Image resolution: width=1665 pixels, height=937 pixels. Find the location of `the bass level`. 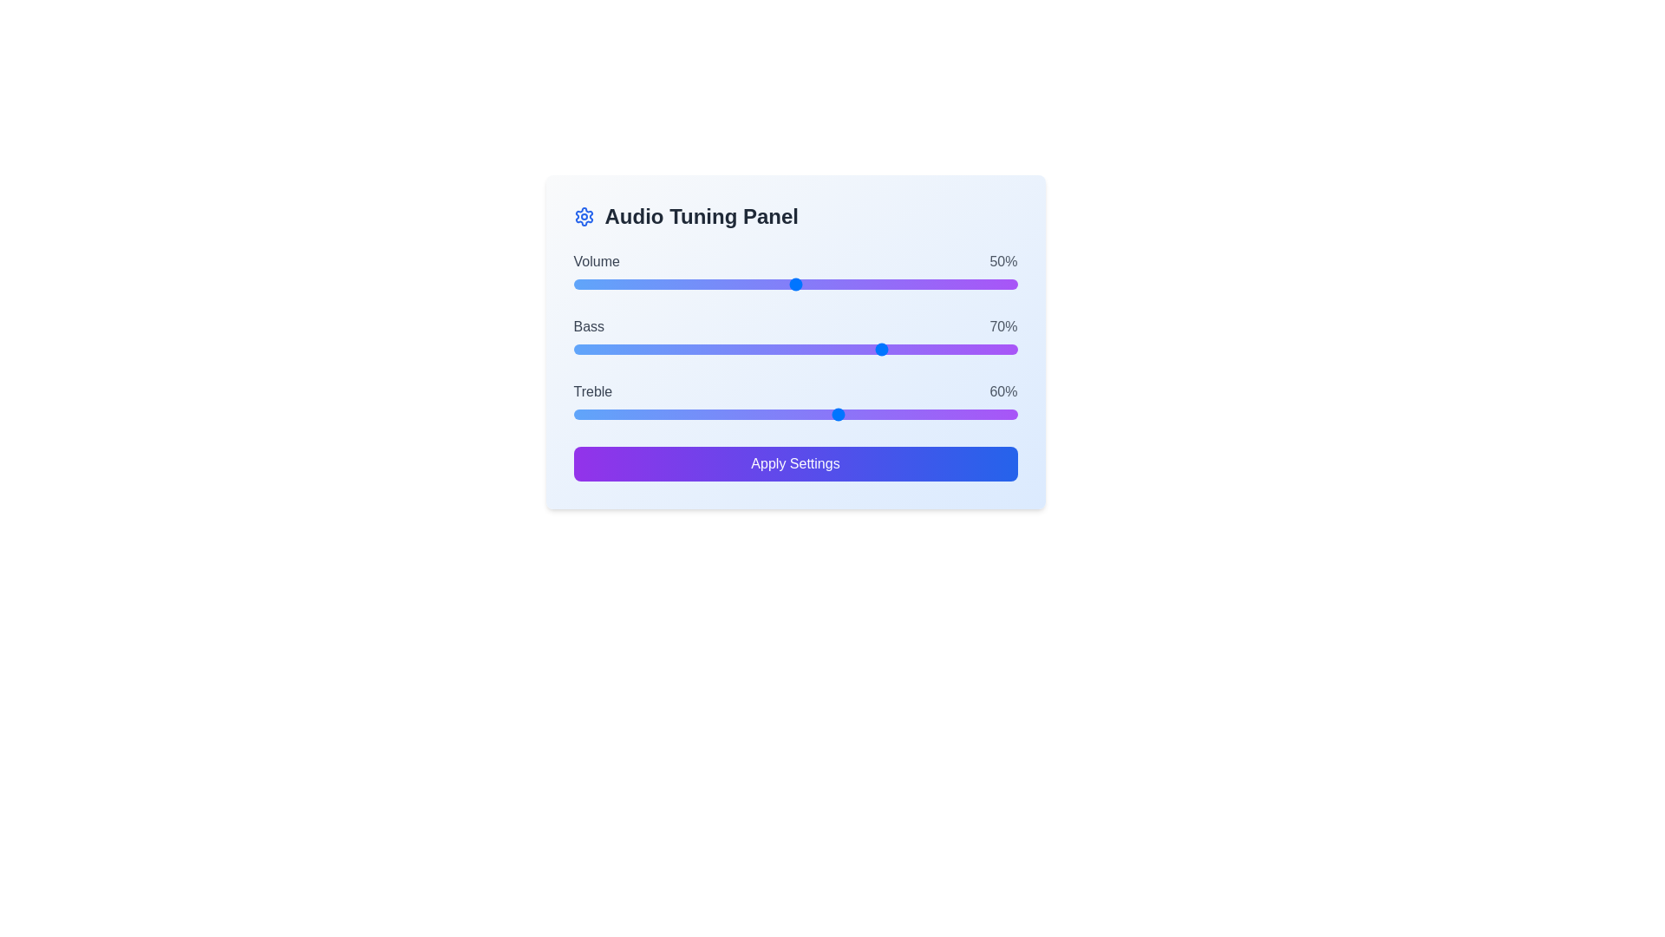

the bass level is located at coordinates (790, 349).